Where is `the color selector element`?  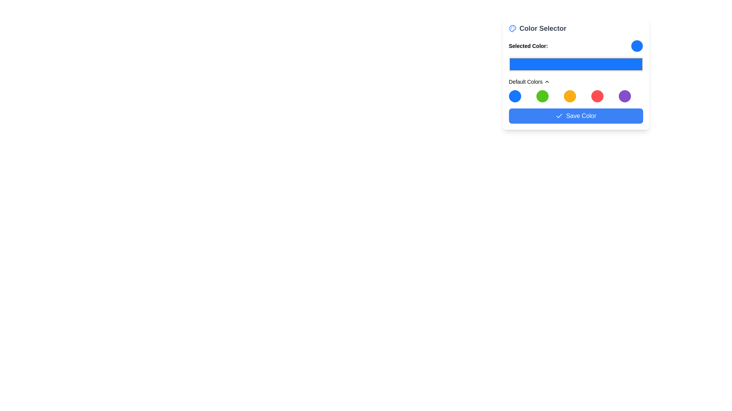
the color selector element is located at coordinates (576, 73).